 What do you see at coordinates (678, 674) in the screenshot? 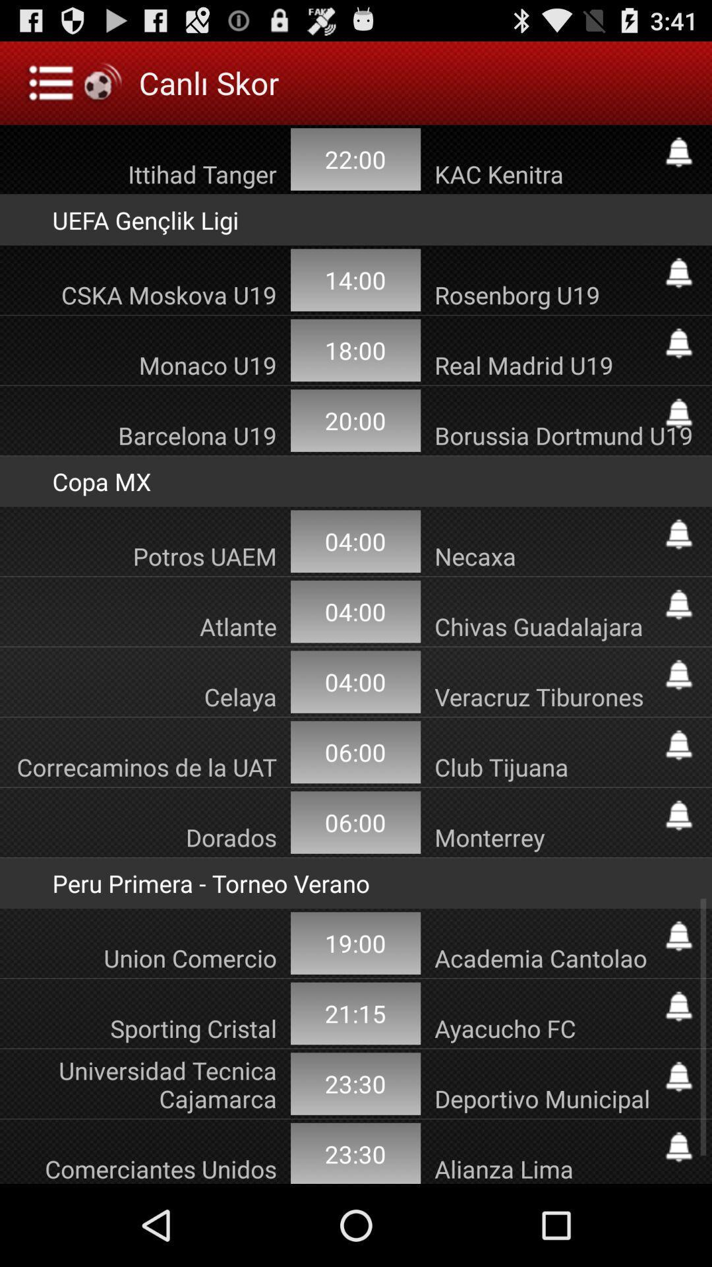
I see `notification option` at bounding box center [678, 674].